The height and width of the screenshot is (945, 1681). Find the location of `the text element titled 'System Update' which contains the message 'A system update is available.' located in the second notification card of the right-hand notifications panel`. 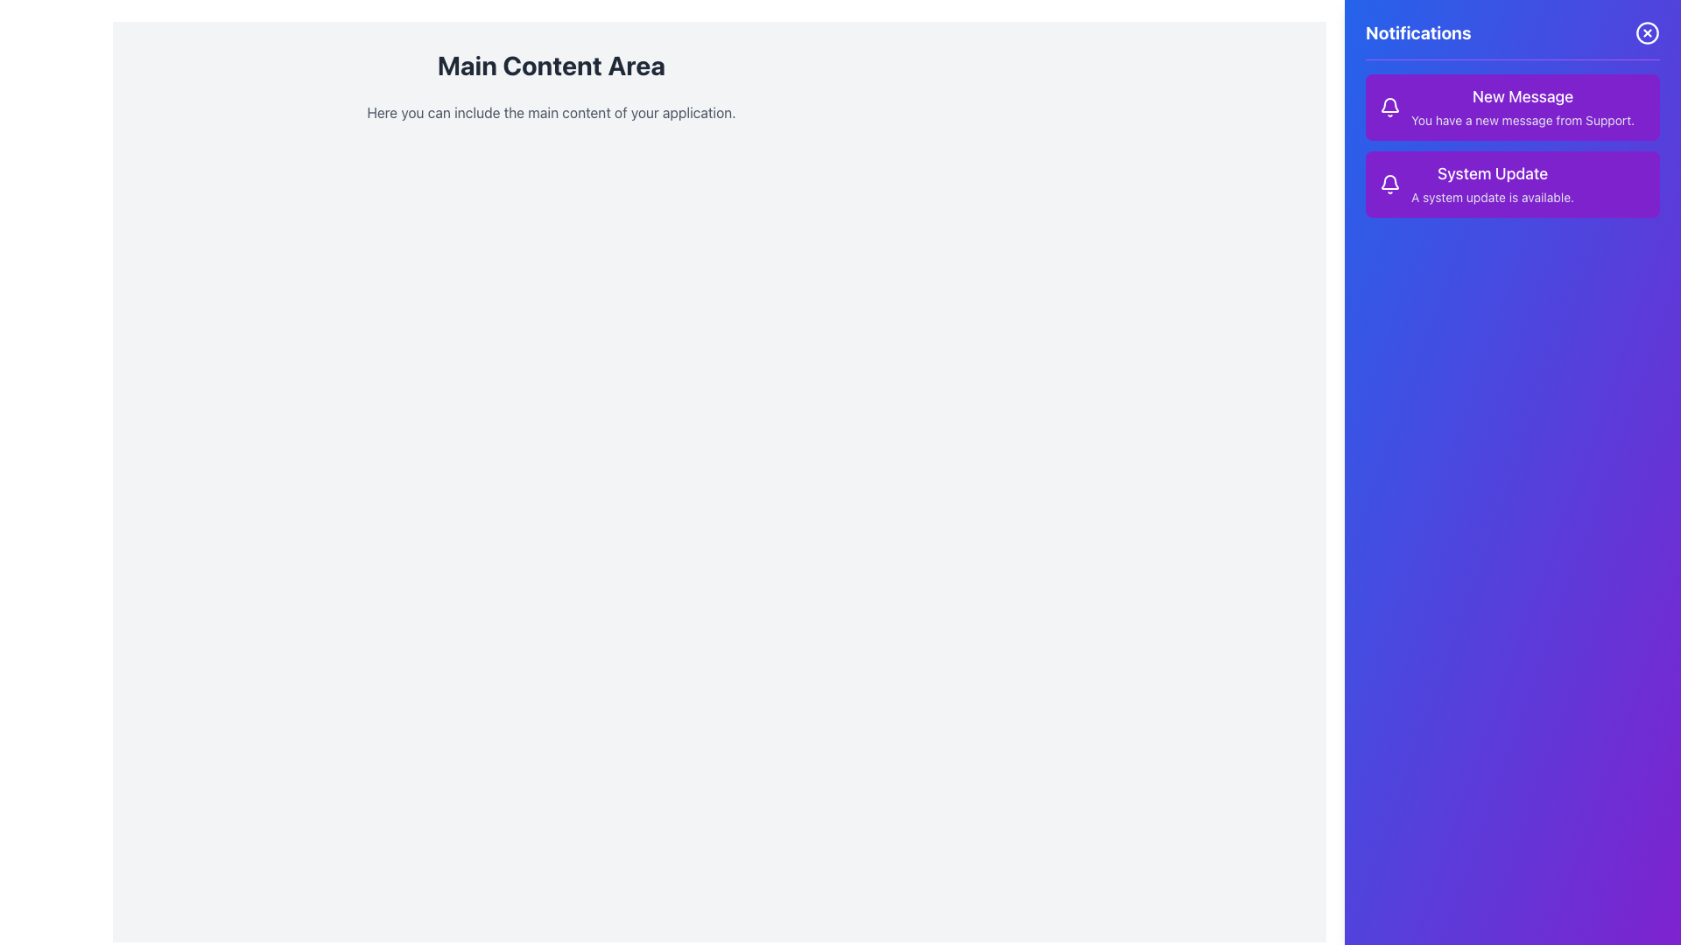

the text element titled 'System Update' which contains the message 'A system update is available.' located in the second notification card of the right-hand notifications panel is located at coordinates (1491, 185).